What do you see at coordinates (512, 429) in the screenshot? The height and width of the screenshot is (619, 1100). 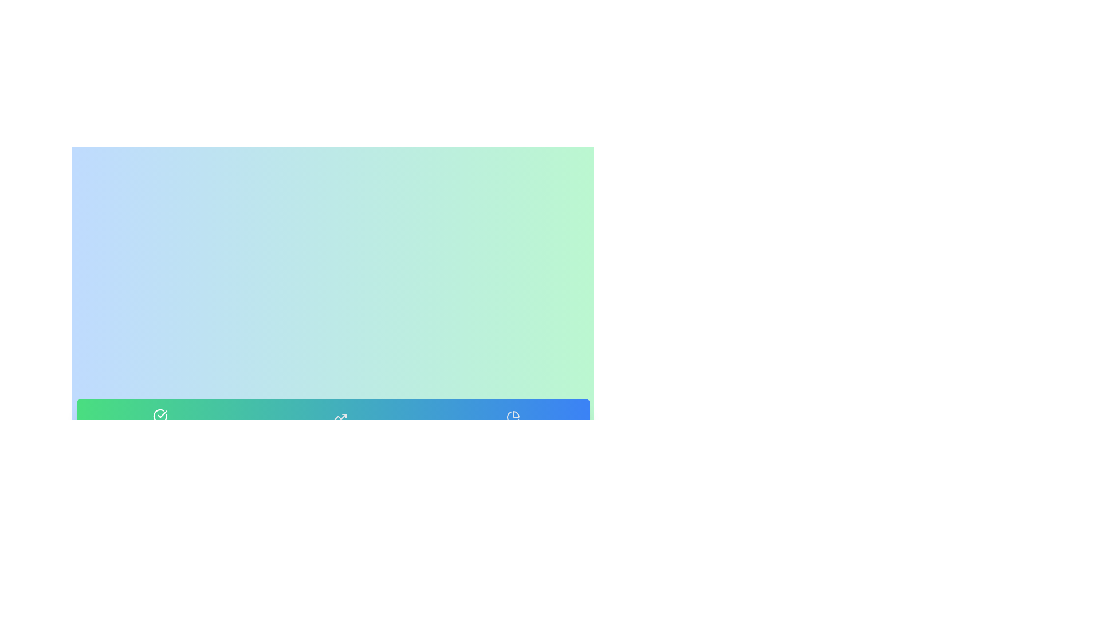 I see `the tab labeled Nutrition` at bounding box center [512, 429].